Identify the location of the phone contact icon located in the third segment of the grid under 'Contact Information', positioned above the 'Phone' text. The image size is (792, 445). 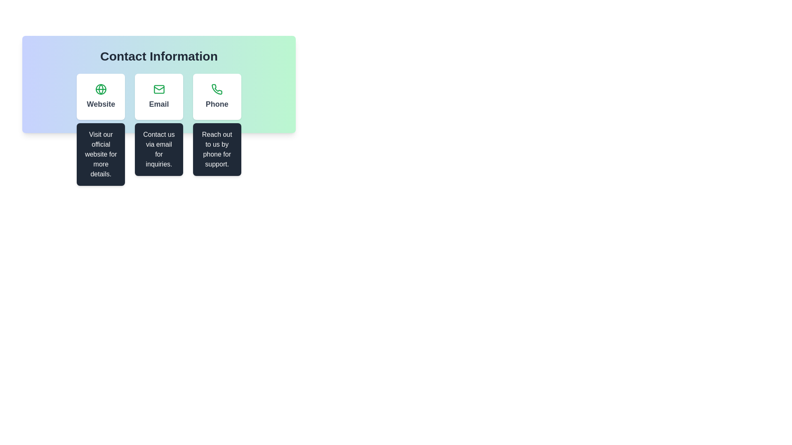
(217, 89).